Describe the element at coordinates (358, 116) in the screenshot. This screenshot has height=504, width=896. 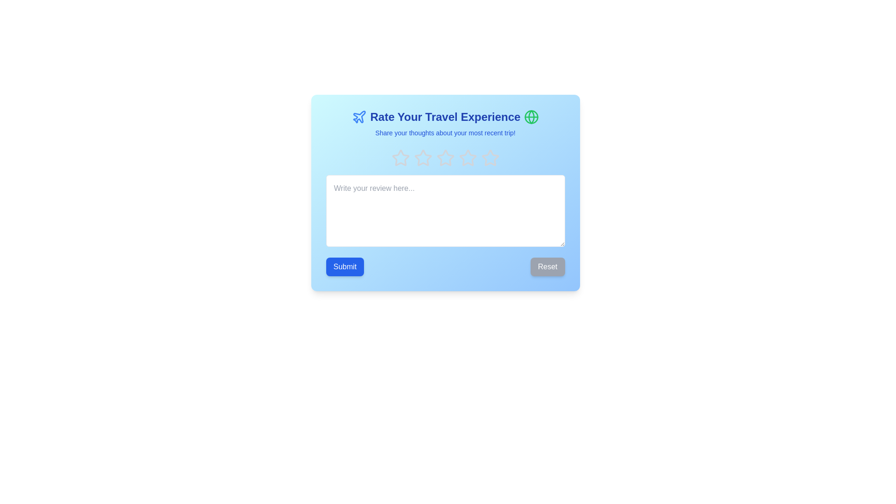
I see `the decorative travel-themed icon located near the top-left corner of the review interface, aligned with the title 'Rate Your Travel Experience'` at that location.